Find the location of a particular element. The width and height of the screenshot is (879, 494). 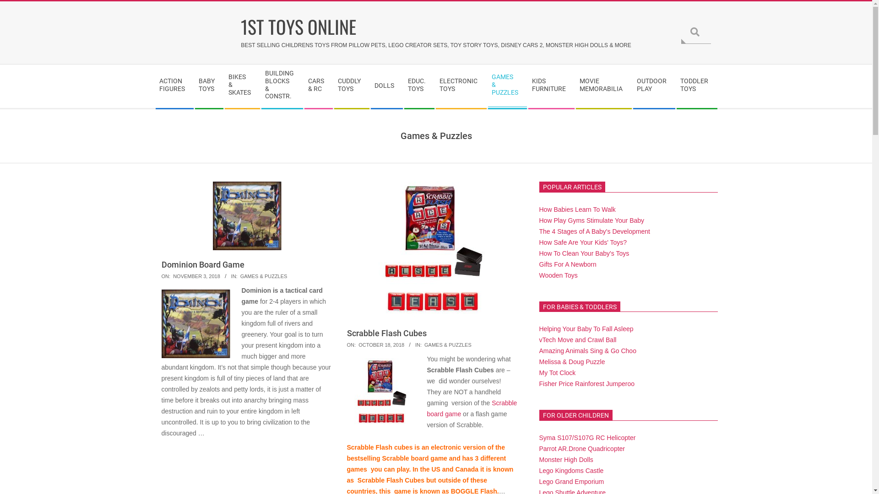

'How Babies Learn To Walk' is located at coordinates (577, 209).